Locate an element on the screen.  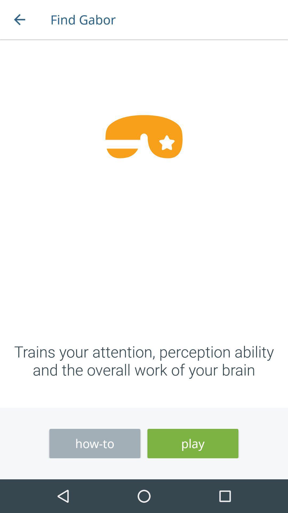
play item is located at coordinates (193, 444).